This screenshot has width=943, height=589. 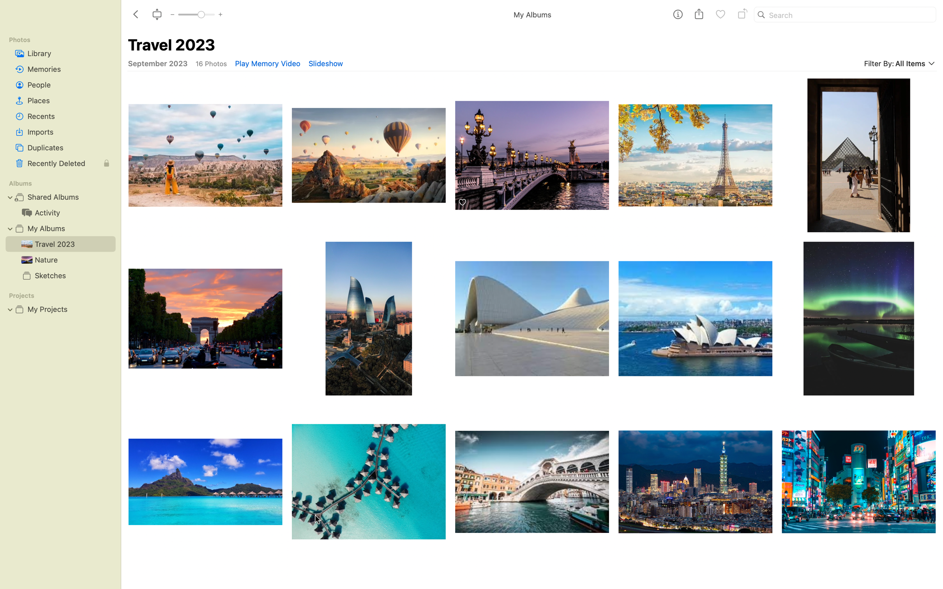 I want to click on the first image featuring hot air balloons, so click(x=204, y=152).